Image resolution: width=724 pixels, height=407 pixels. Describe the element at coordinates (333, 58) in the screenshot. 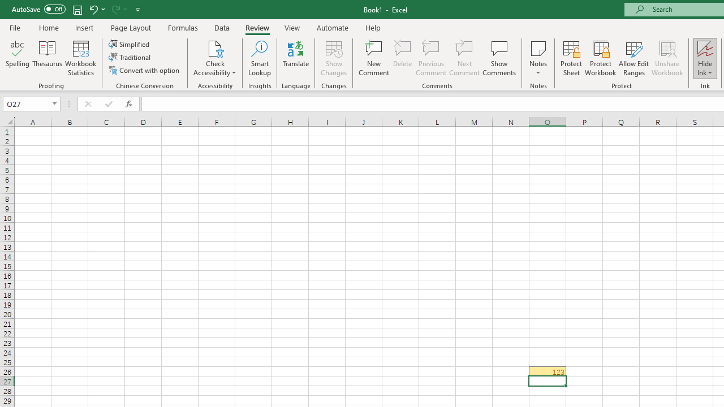

I see `'Show Changes'` at that location.